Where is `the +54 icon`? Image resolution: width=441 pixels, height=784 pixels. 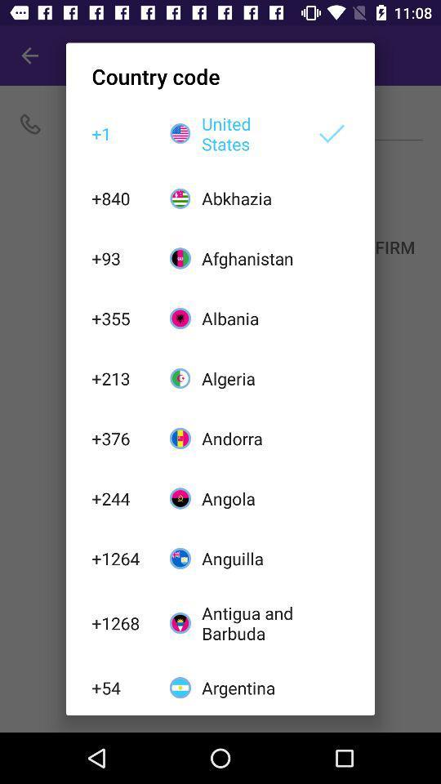
the +54 icon is located at coordinates (121, 687).